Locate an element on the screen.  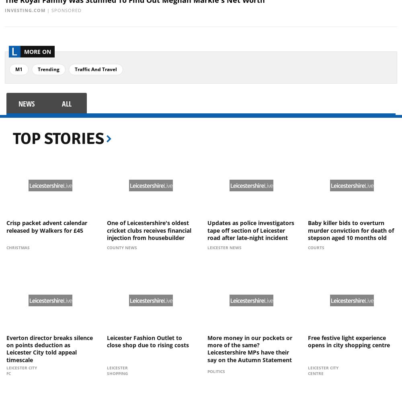
'Leicester Fashion Outlet to close shop due to rising costs' is located at coordinates (148, 341).